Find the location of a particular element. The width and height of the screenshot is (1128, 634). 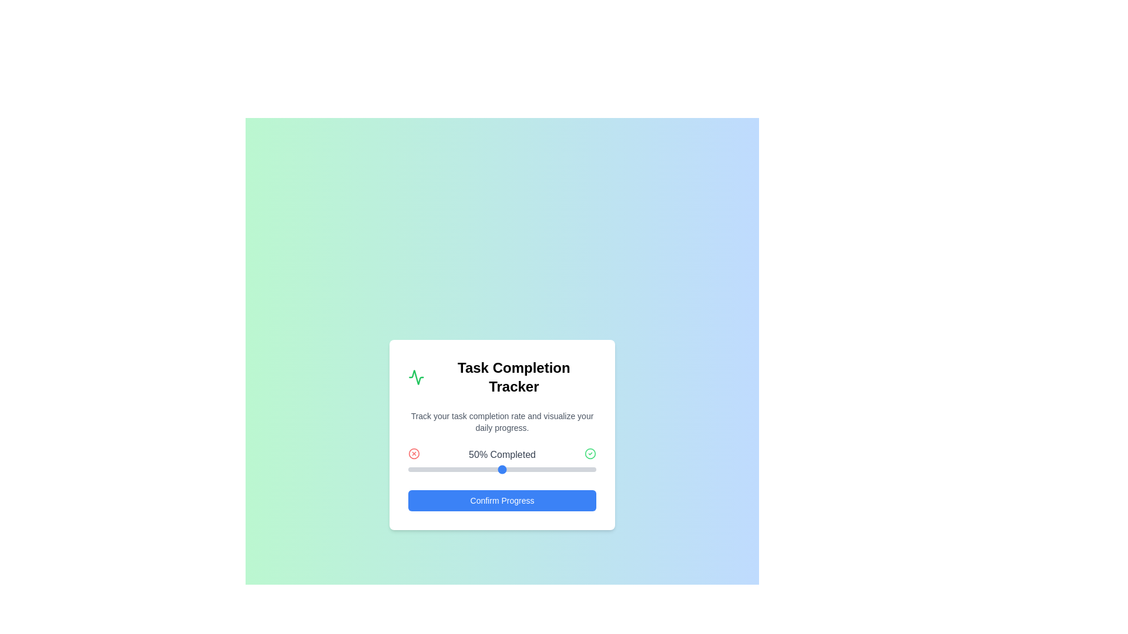

the progress slider to 0% is located at coordinates (408, 468).